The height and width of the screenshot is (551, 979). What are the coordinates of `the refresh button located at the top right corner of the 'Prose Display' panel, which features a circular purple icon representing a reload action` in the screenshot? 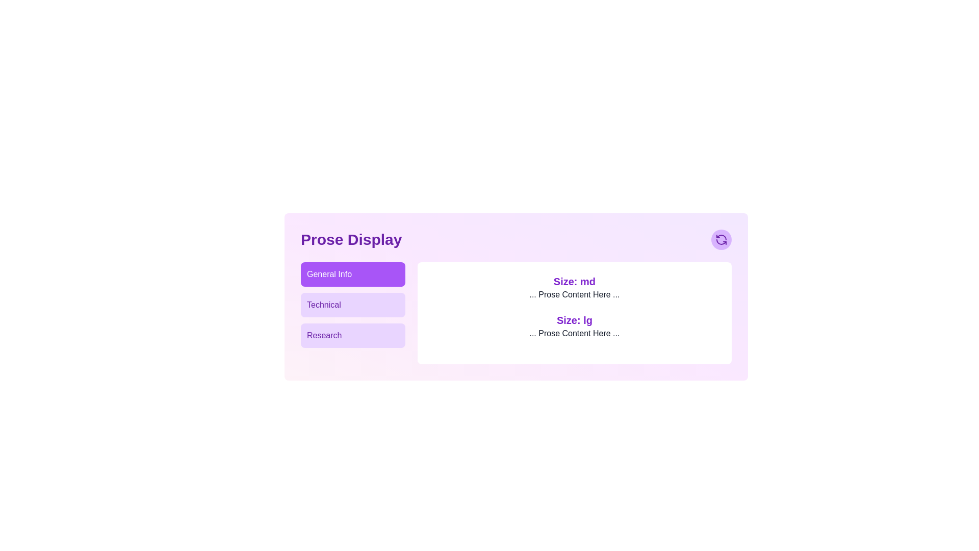 It's located at (721, 240).